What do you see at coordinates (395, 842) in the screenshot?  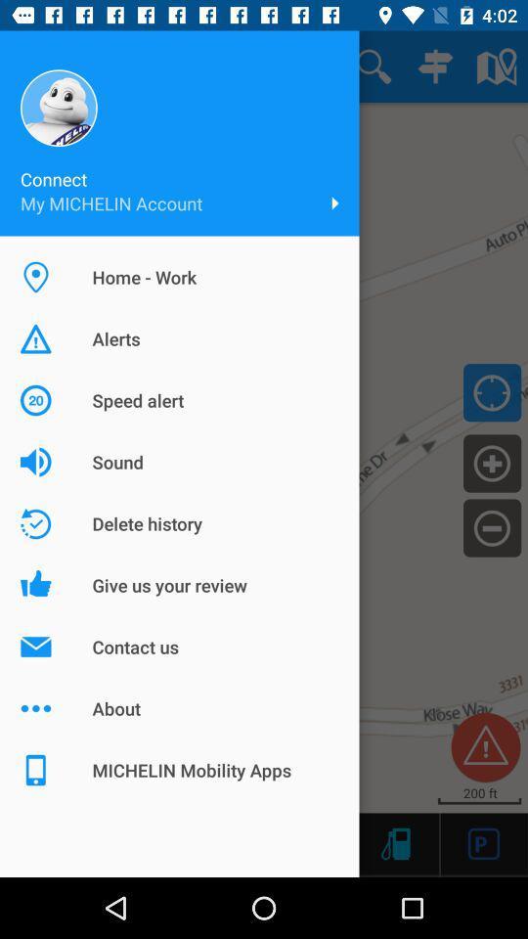 I see `gas station locations` at bounding box center [395, 842].